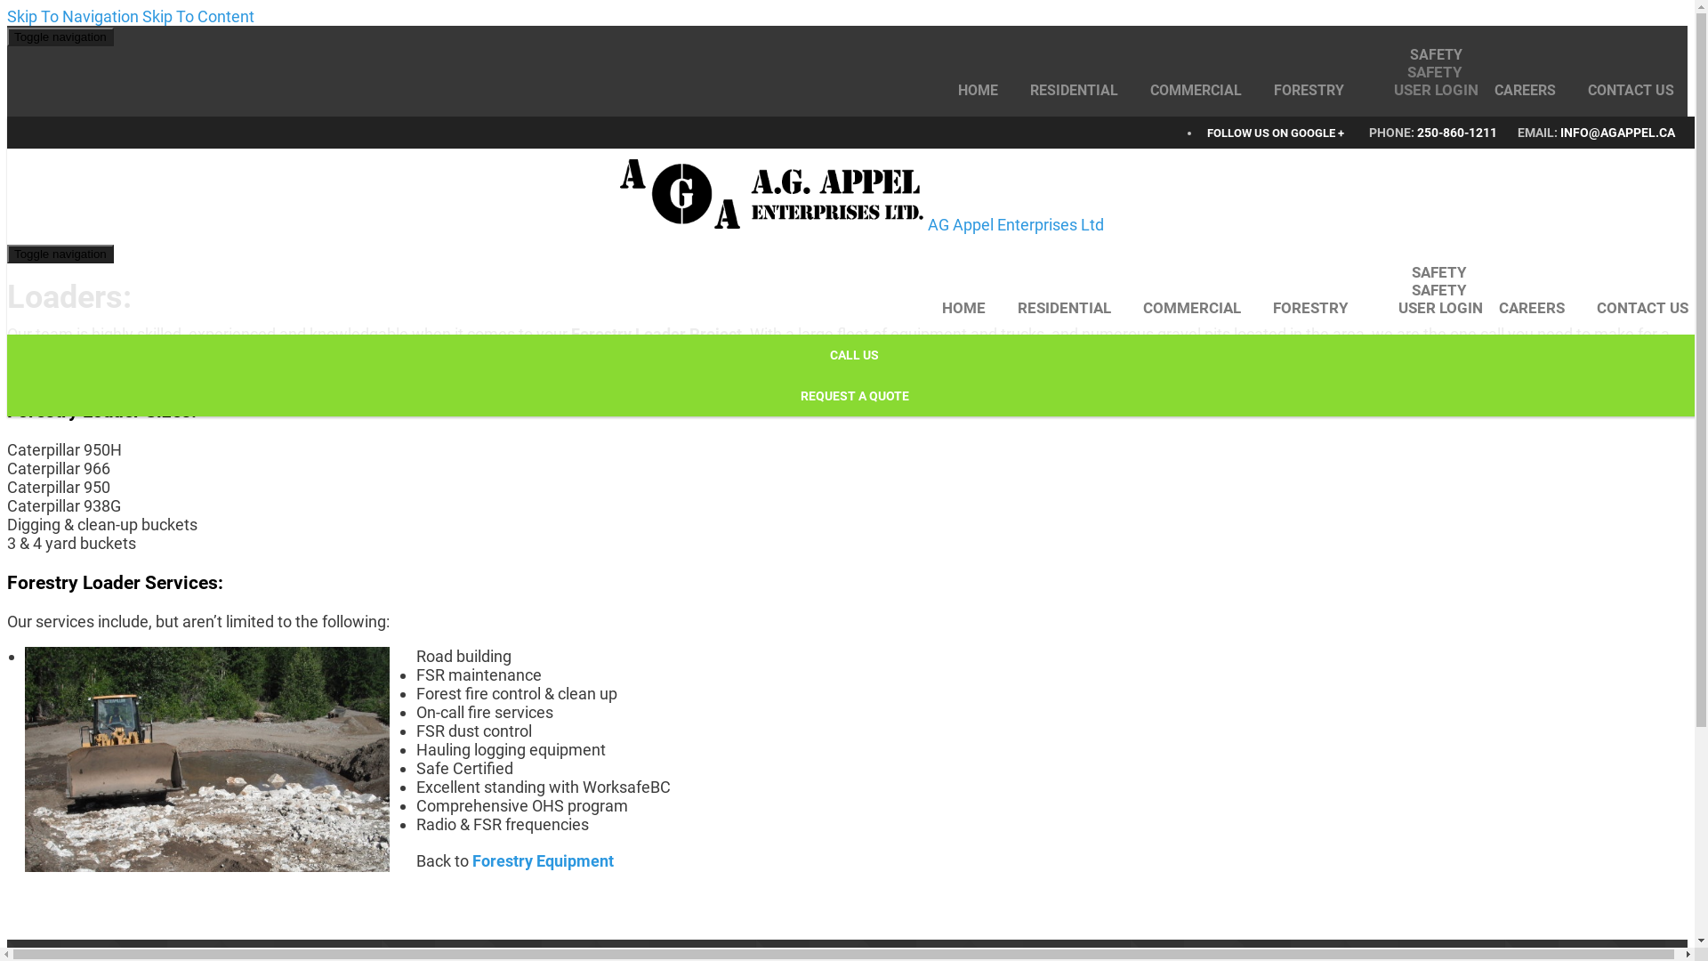 Image resolution: width=1708 pixels, height=961 pixels. Describe the element at coordinates (1559, 132) in the screenshot. I see `'INFO@AGAPPEL.CA'` at that location.